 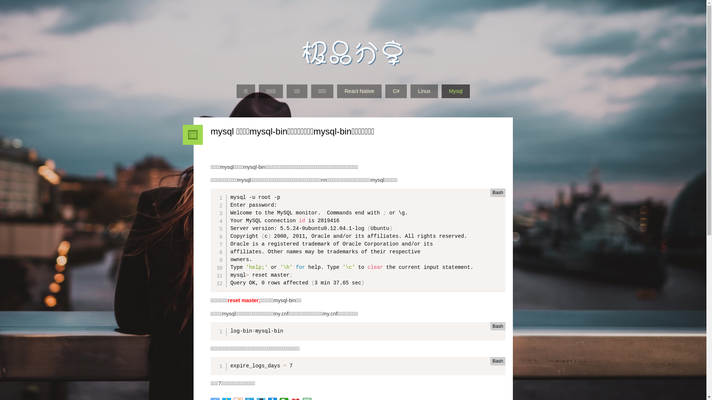 What do you see at coordinates (424, 91) in the screenshot?
I see `'Linux'` at bounding box center [424, 91].